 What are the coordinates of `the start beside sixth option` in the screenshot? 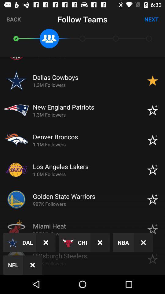 It's located at (152, 199).